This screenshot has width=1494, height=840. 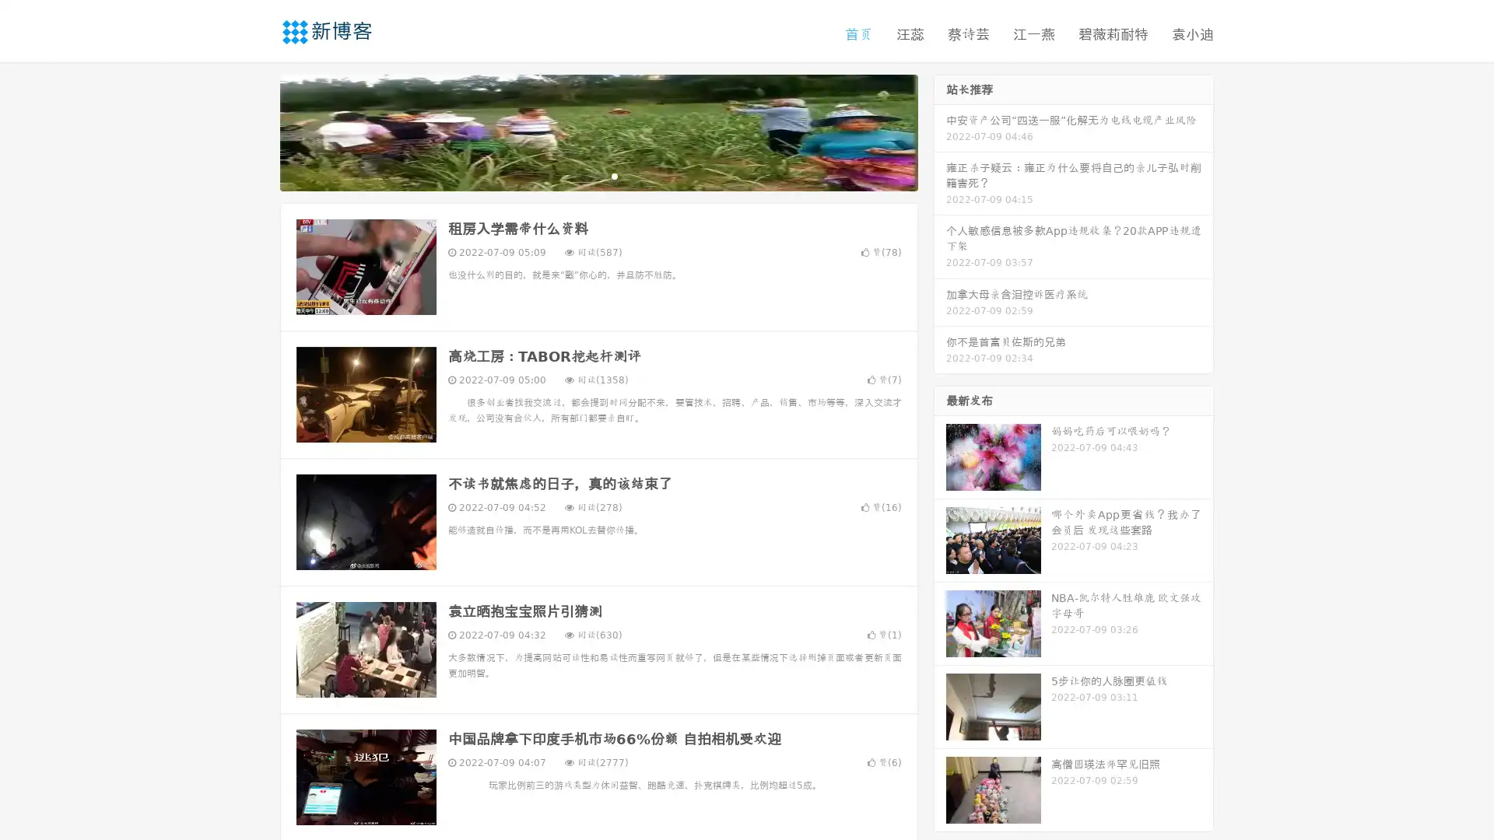 I want to click on Go to slide 1, so click(x=582, y=175).